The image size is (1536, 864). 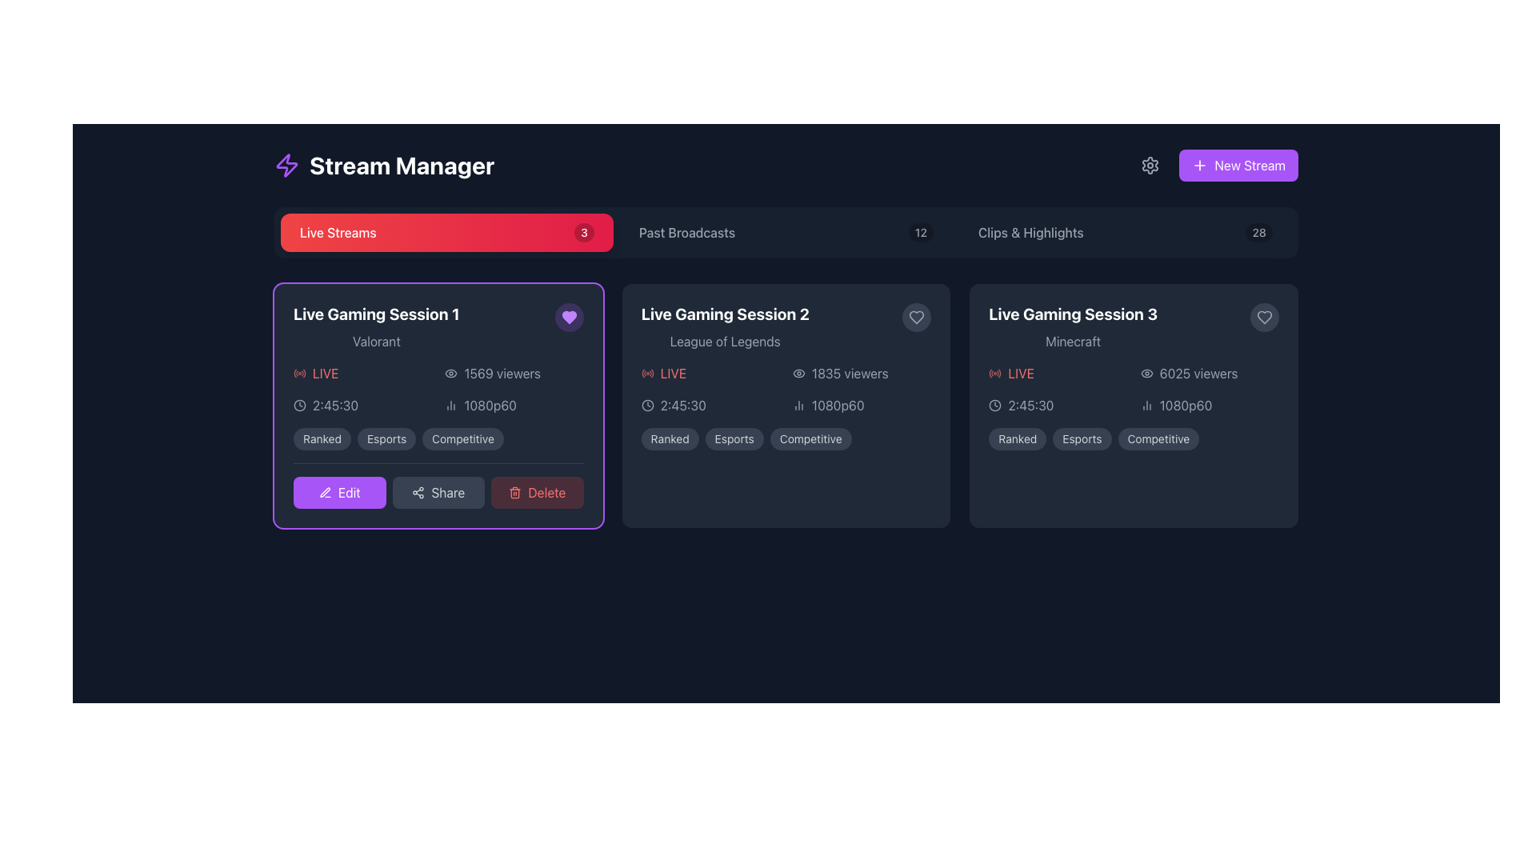 What do you see at coordinates (849, 373) in the screenshot?
I see `the text label indicating the total number of views in the 'Live Gaming Session 2' card, positioned adjacent to the eye icon` at bounding box center [849, 373].